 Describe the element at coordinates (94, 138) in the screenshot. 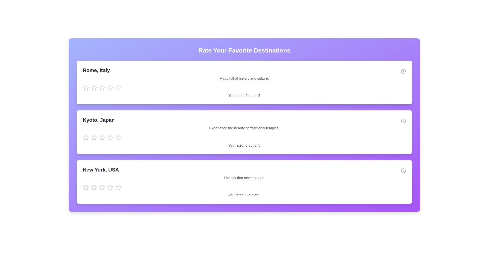

I see `the first star icon in the rating component under 'Kyoto, Japan'` at that location.